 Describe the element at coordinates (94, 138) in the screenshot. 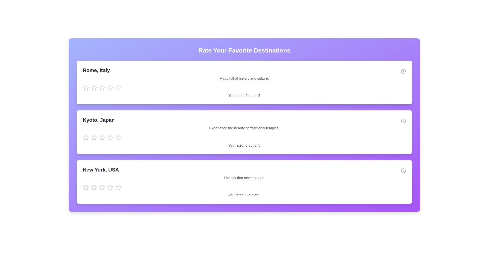

I see `the first star icon in the rating component under 'Kyoto, Japan'` at that location.